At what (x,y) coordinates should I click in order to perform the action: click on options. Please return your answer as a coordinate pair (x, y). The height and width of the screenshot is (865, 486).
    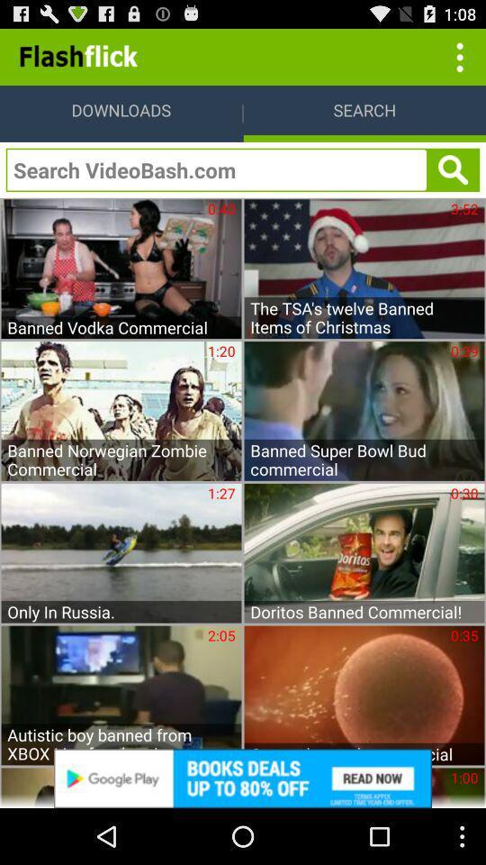
    Looking at the image, I should click on (457, 56).